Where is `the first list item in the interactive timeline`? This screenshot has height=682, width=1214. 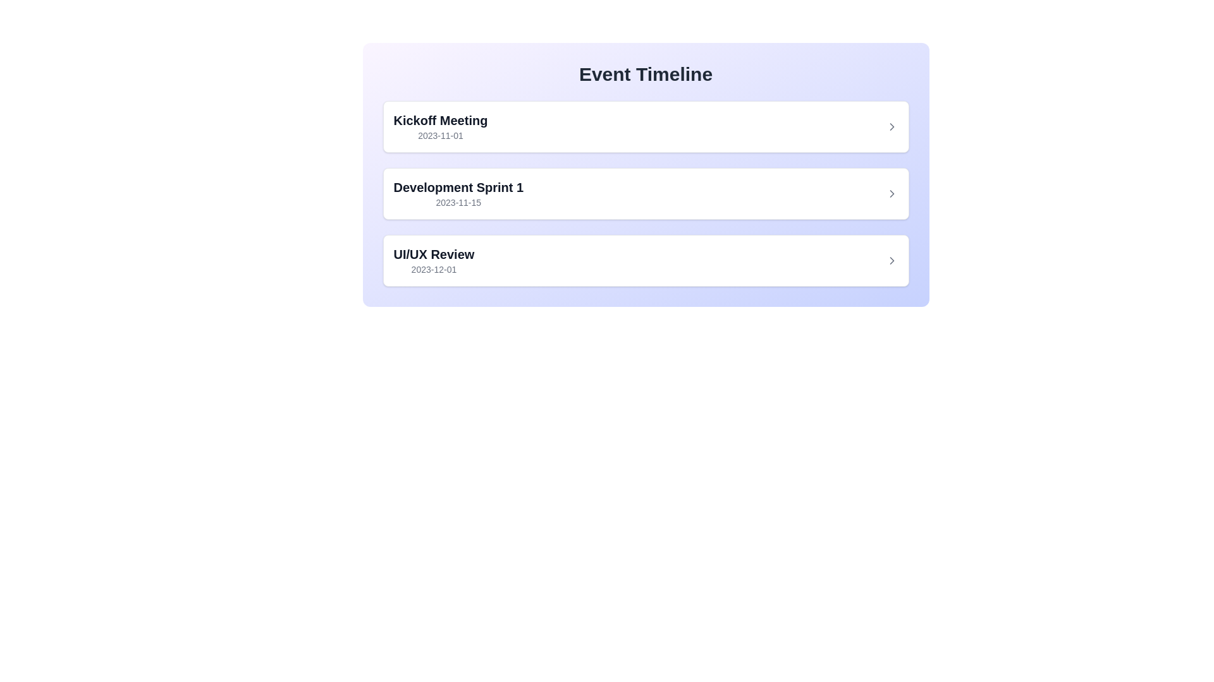 the first list item in the interactive timeline is located at coordinates (646, 126).